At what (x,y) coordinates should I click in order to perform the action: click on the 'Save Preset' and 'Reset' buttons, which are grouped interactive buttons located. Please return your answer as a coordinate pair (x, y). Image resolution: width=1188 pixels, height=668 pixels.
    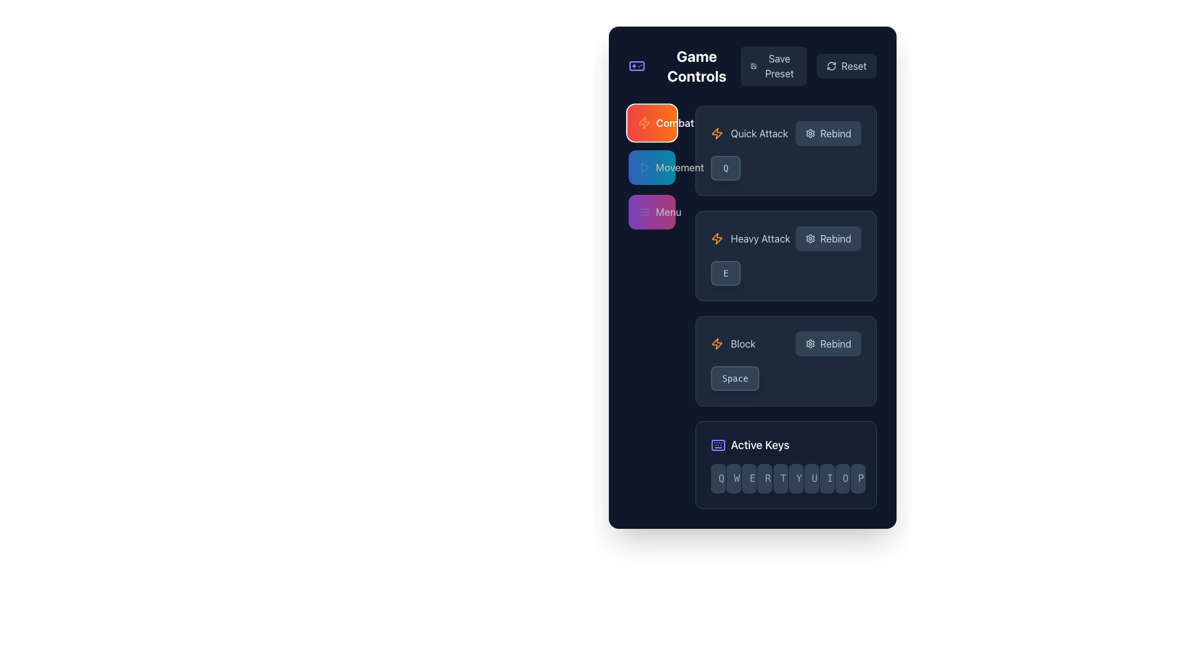
    Looking at the image, I should click on (809, 66).